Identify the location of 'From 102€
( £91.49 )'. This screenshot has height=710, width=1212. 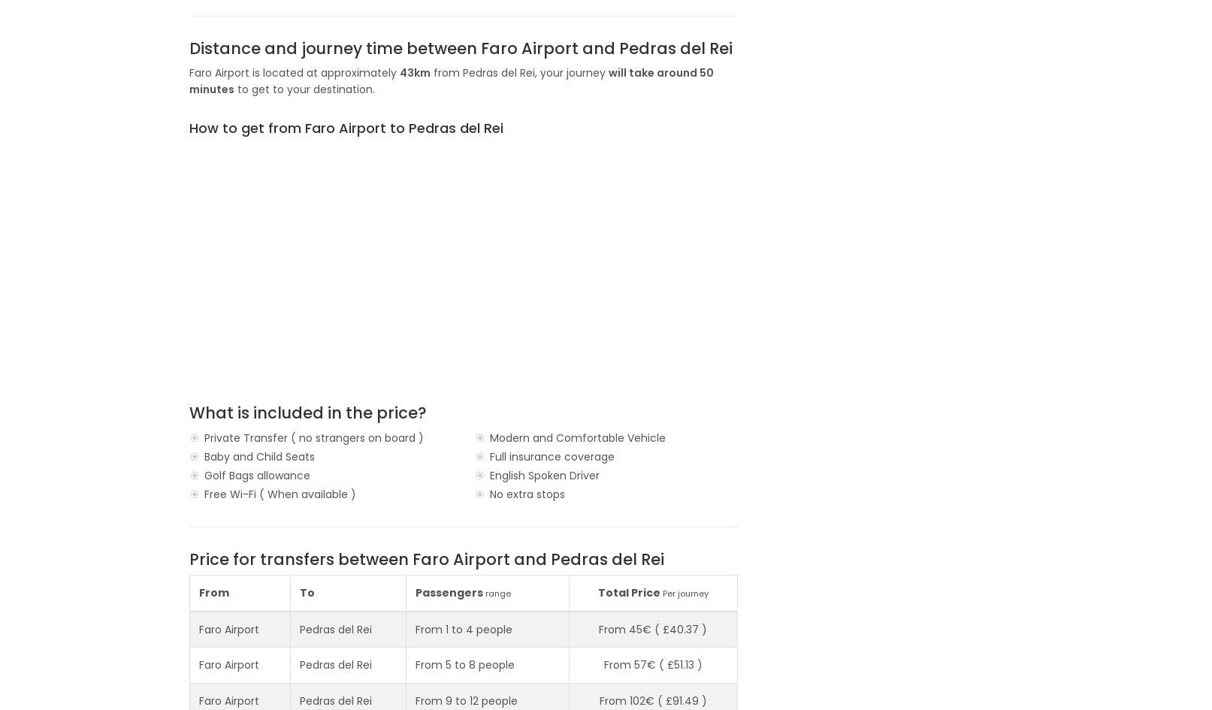
(598, 699).